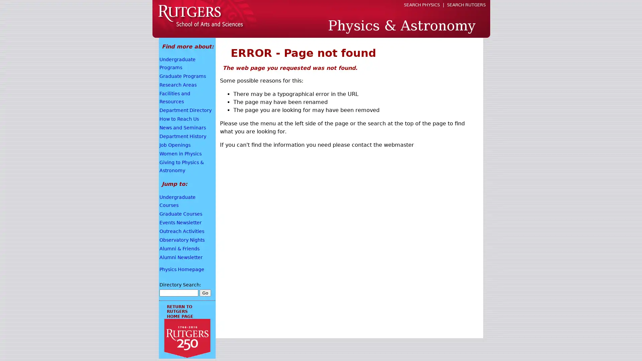 The image size is (642, 361). Describe the element at coordinates (205, 292) in the screenshot. I see `Go` at that location.